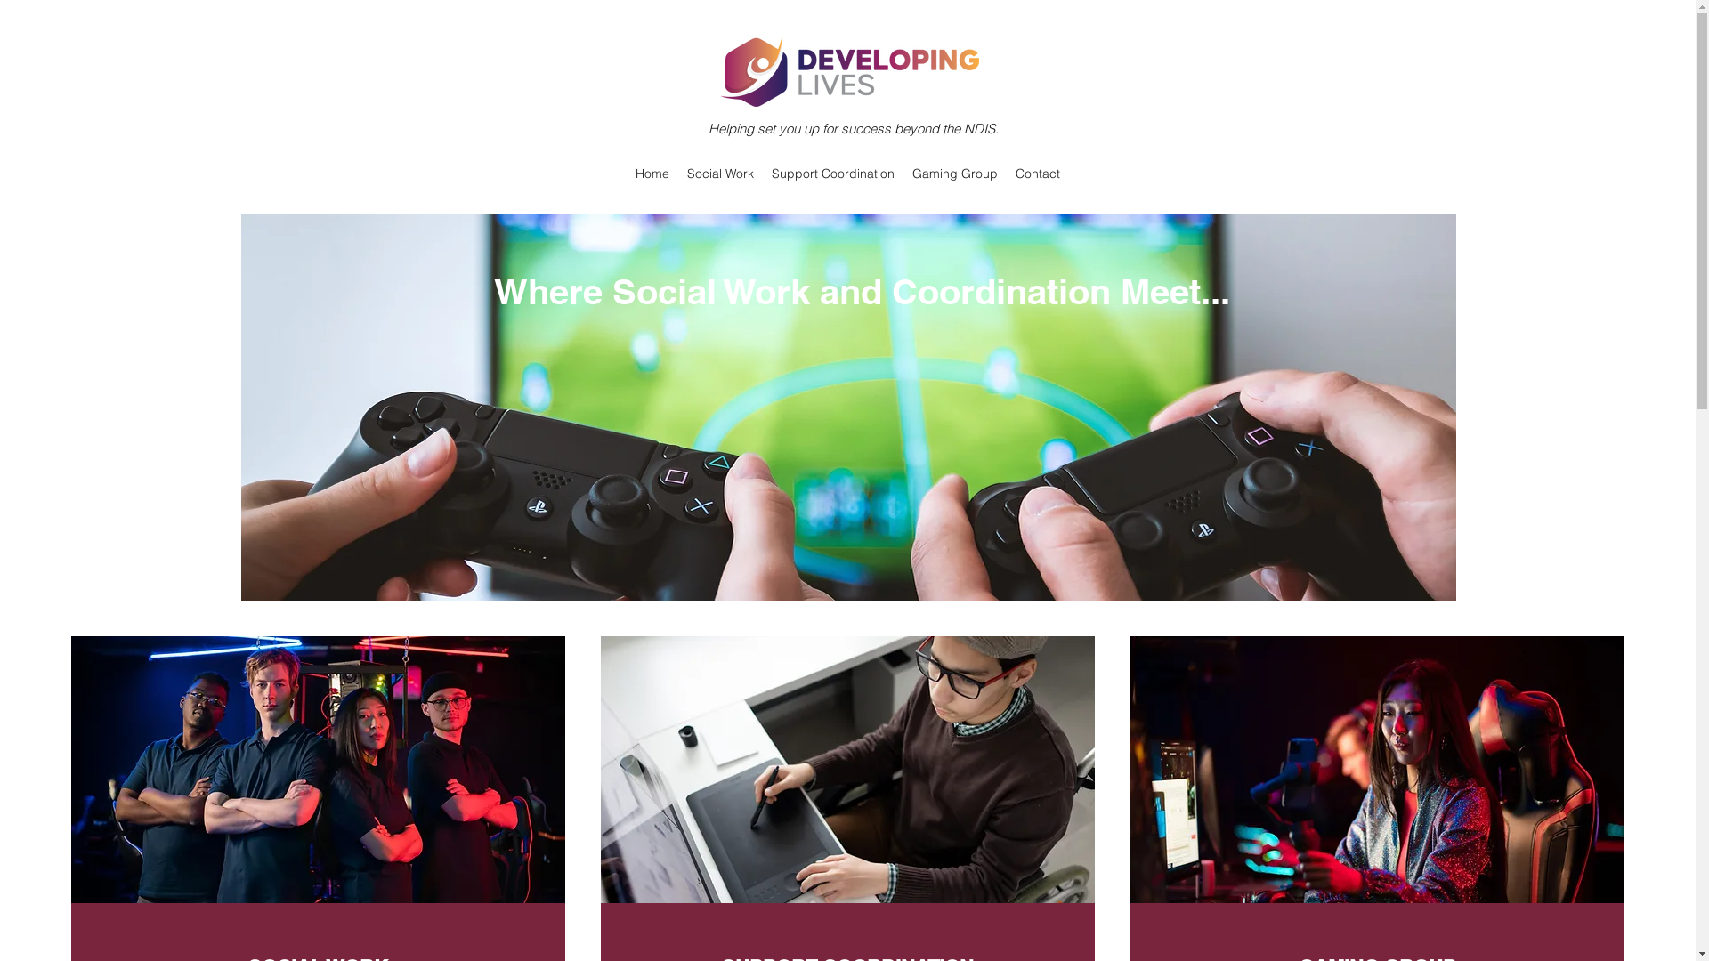 This screenshot has height=961, width=1709. Describe the element at coordinates (832, 174) in the screenshot. I see `'Support Coordination'` at that location.